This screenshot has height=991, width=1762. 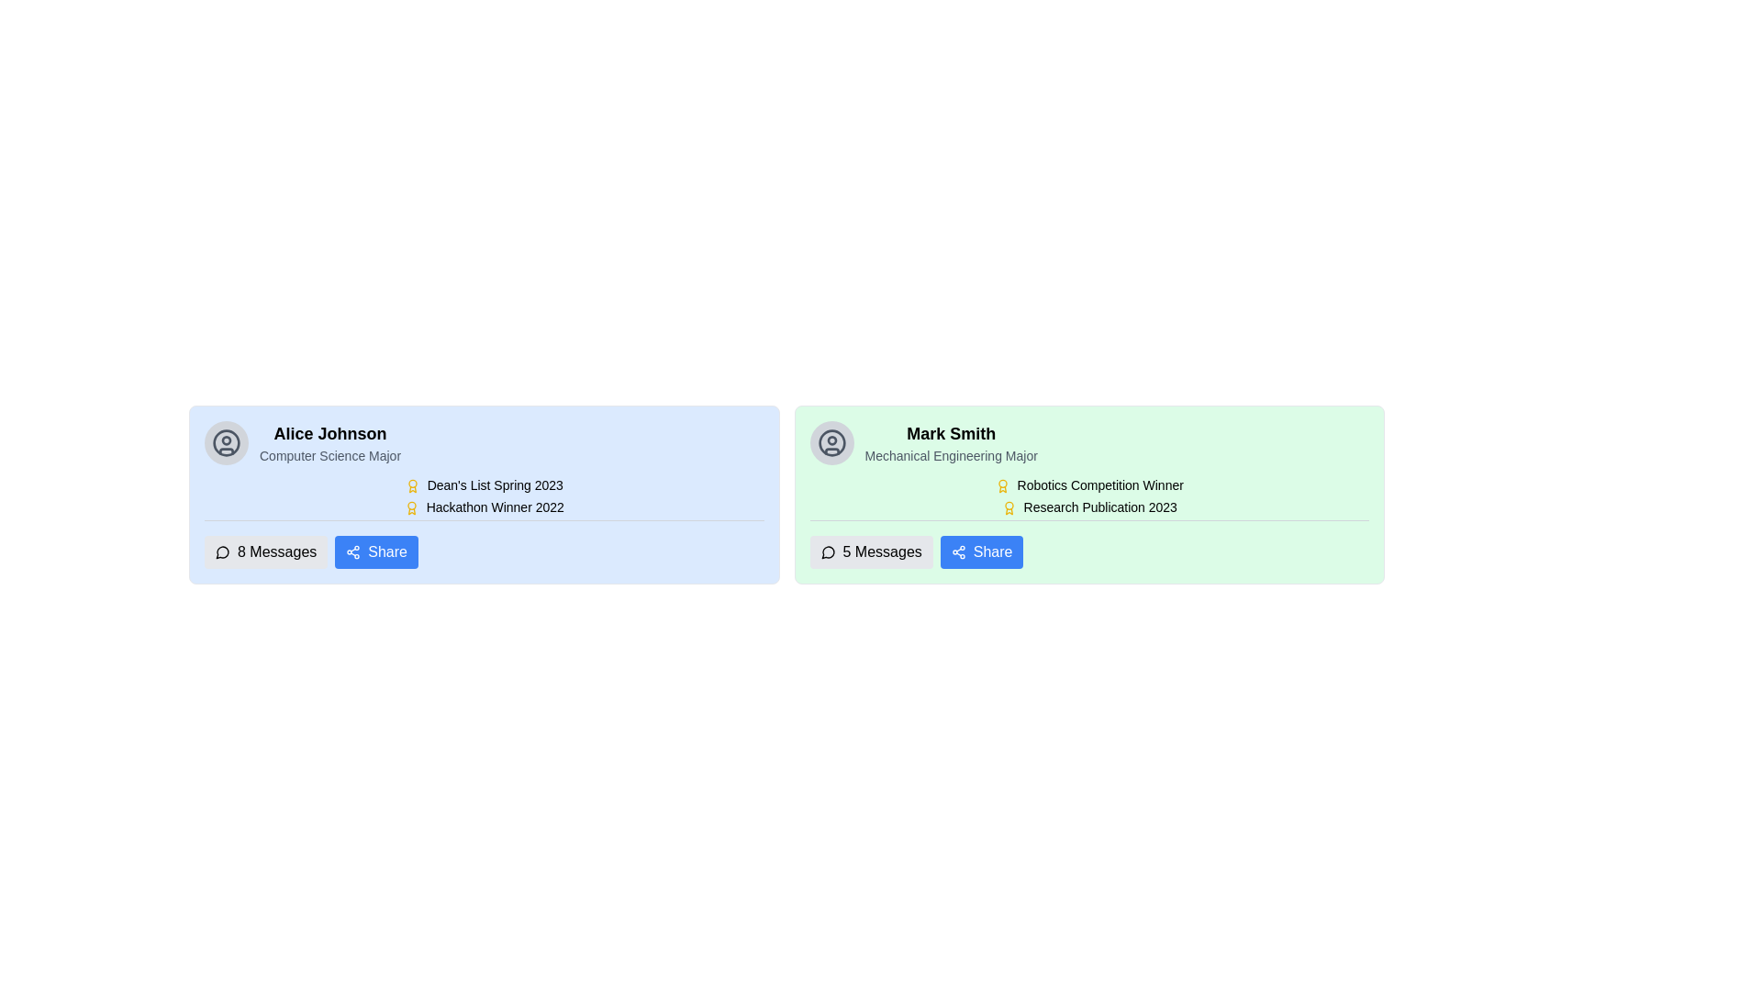 I want to click on the award icon representing 'Research Publication 2023' located to the left of the corresponding text within Mark Smith's profile card, so click(x=1008, y=508).